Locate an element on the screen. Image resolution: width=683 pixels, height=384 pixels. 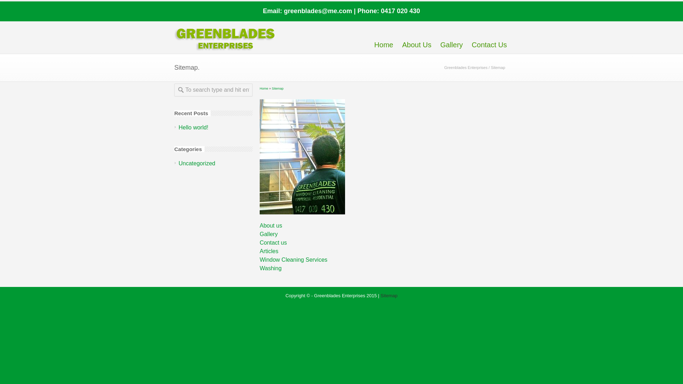
'Window Cleaning Services' is located at coordinates (259, 260).